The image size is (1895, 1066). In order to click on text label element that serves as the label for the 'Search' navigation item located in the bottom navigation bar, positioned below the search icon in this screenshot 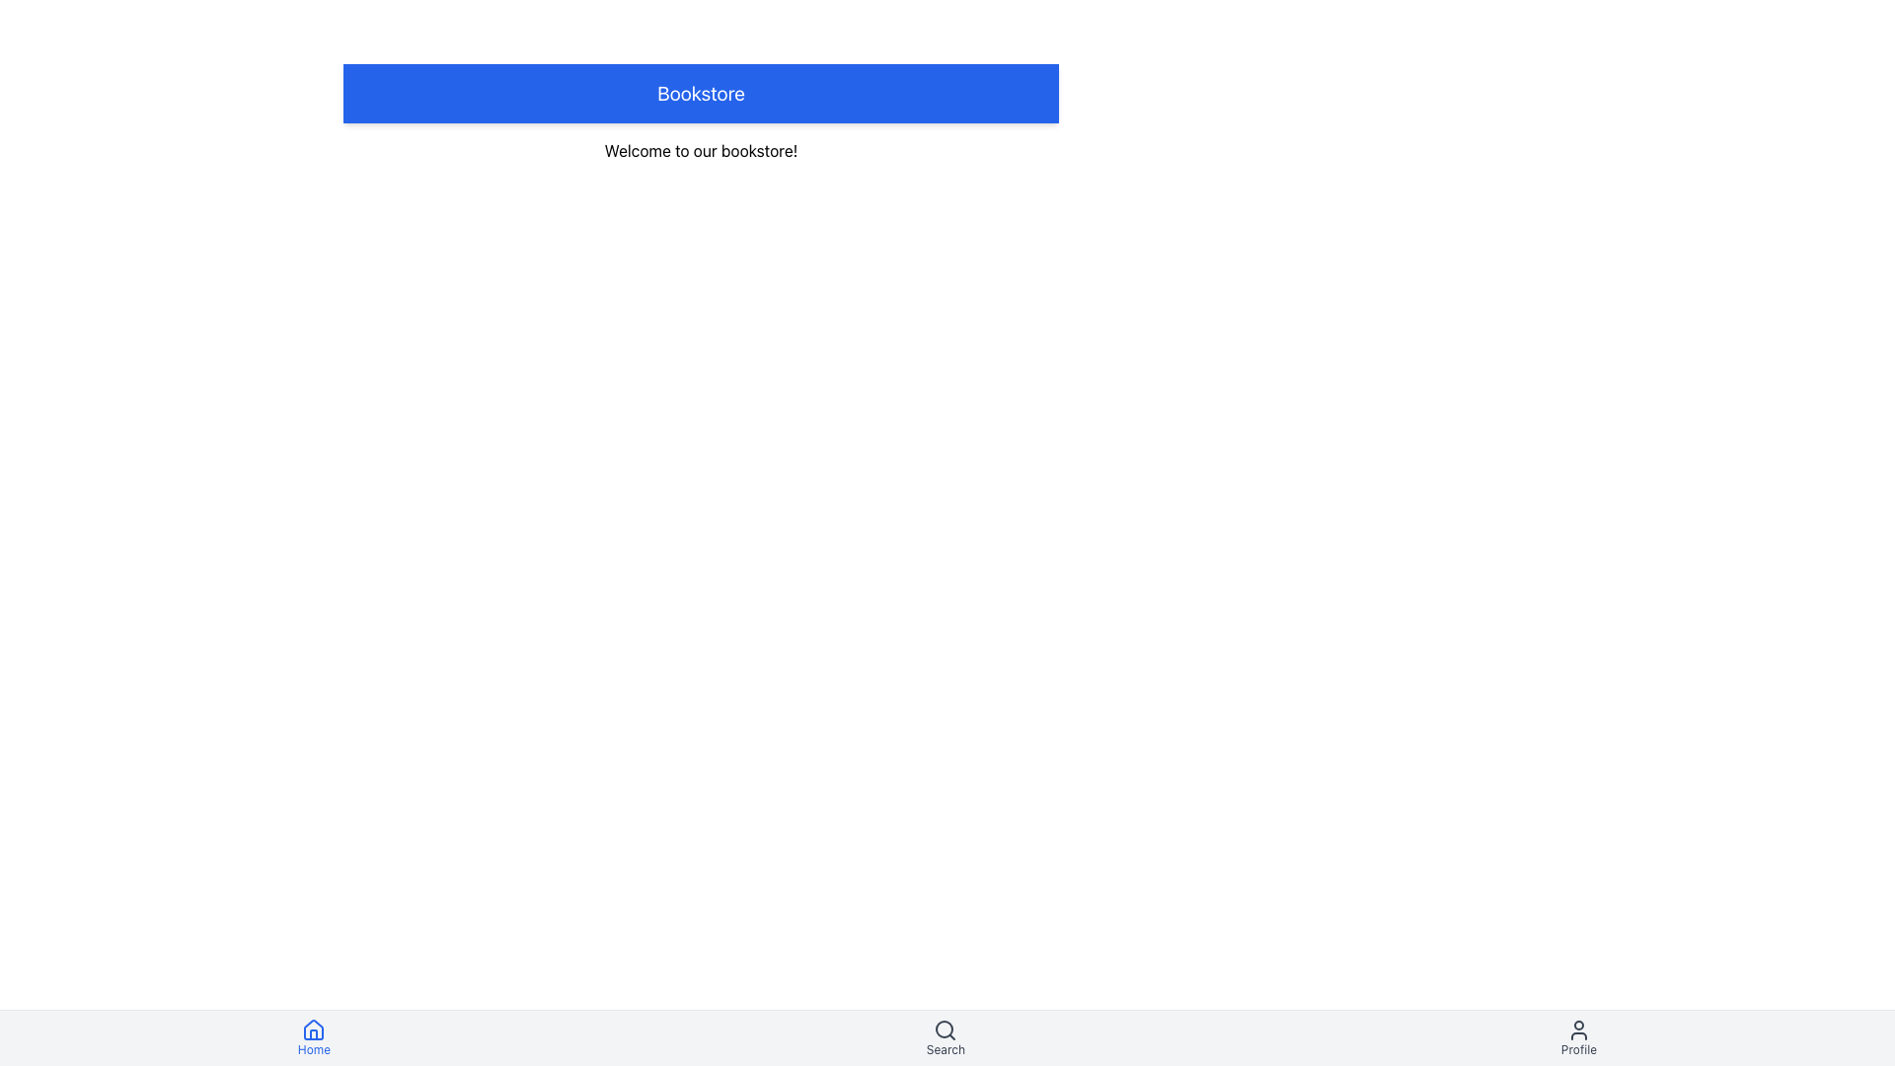, I will do `click(945, 1049)`.